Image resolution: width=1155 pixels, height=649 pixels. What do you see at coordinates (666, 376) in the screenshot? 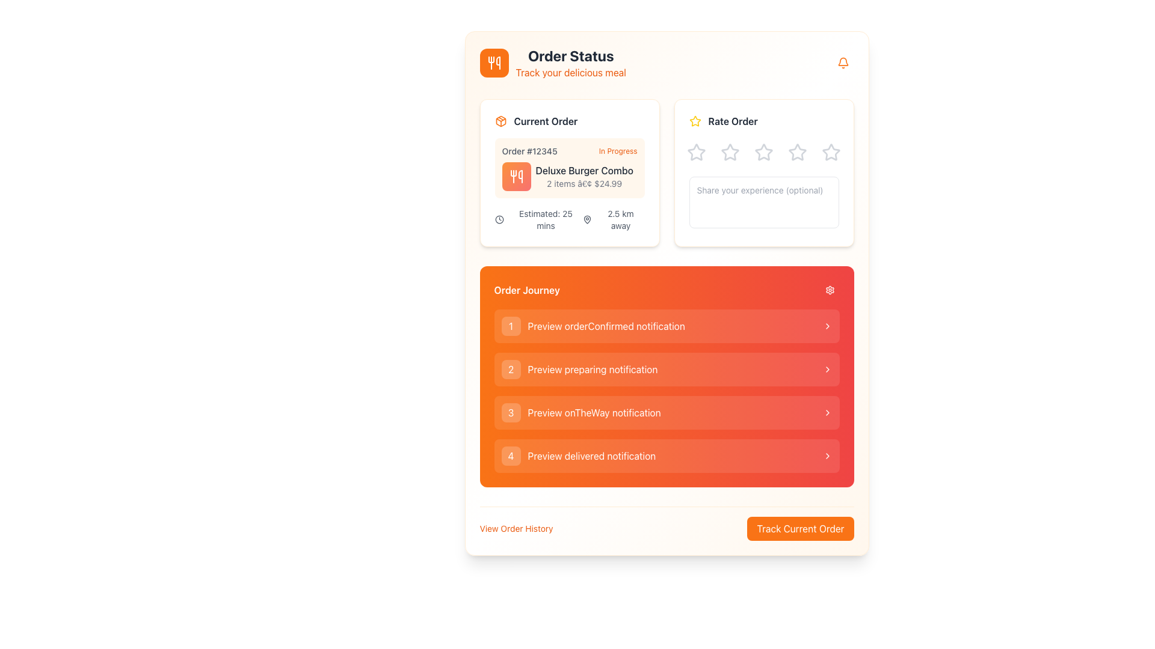
I see `the entries in the 'Order Journey' progress indicator` at bounding box center [666, 376].